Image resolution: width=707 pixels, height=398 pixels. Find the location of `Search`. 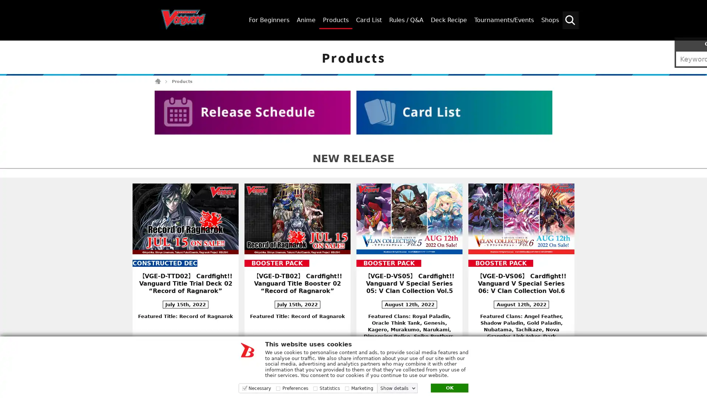

Search is located at coordinates (698, 47).